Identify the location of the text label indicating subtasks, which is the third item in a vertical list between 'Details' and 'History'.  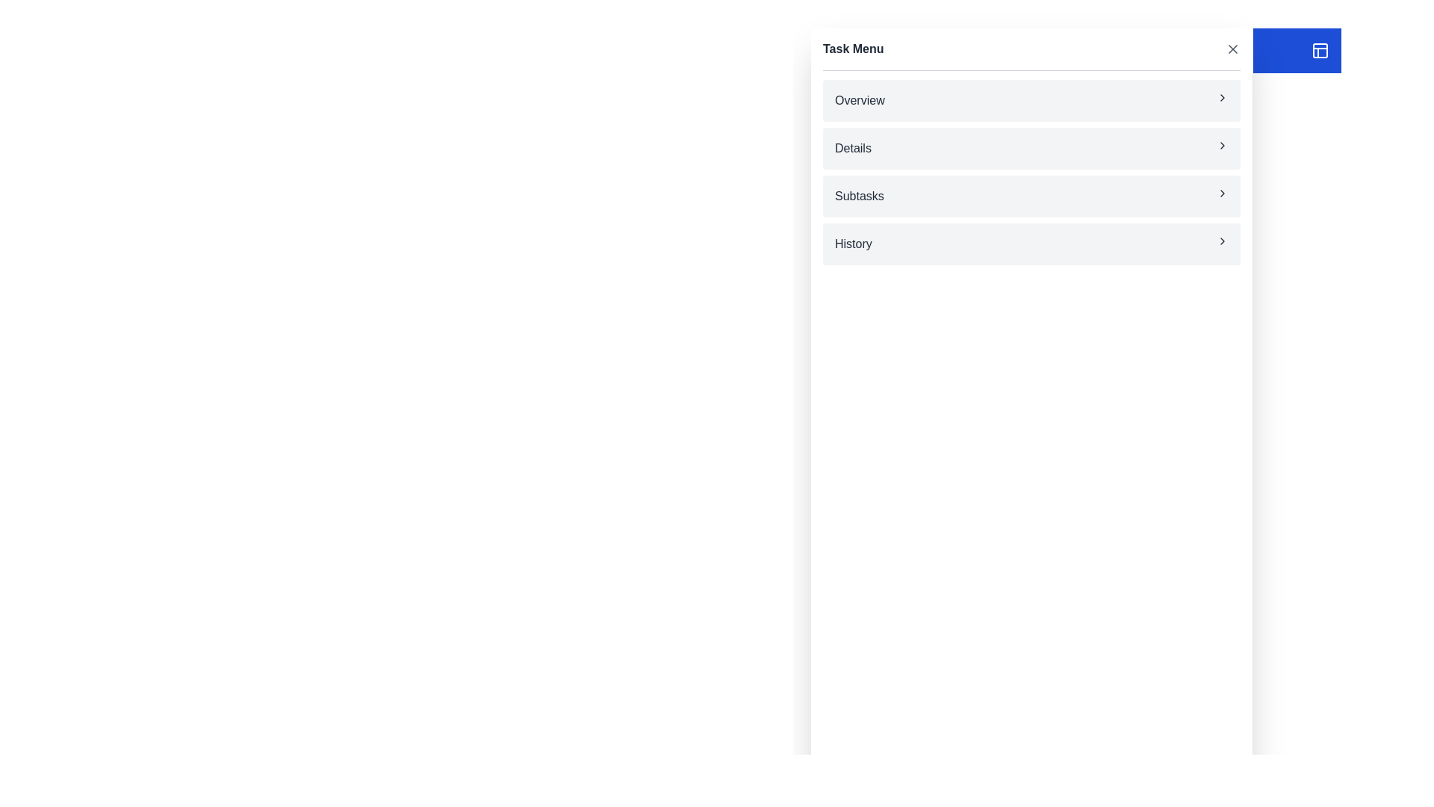
(859, 195).